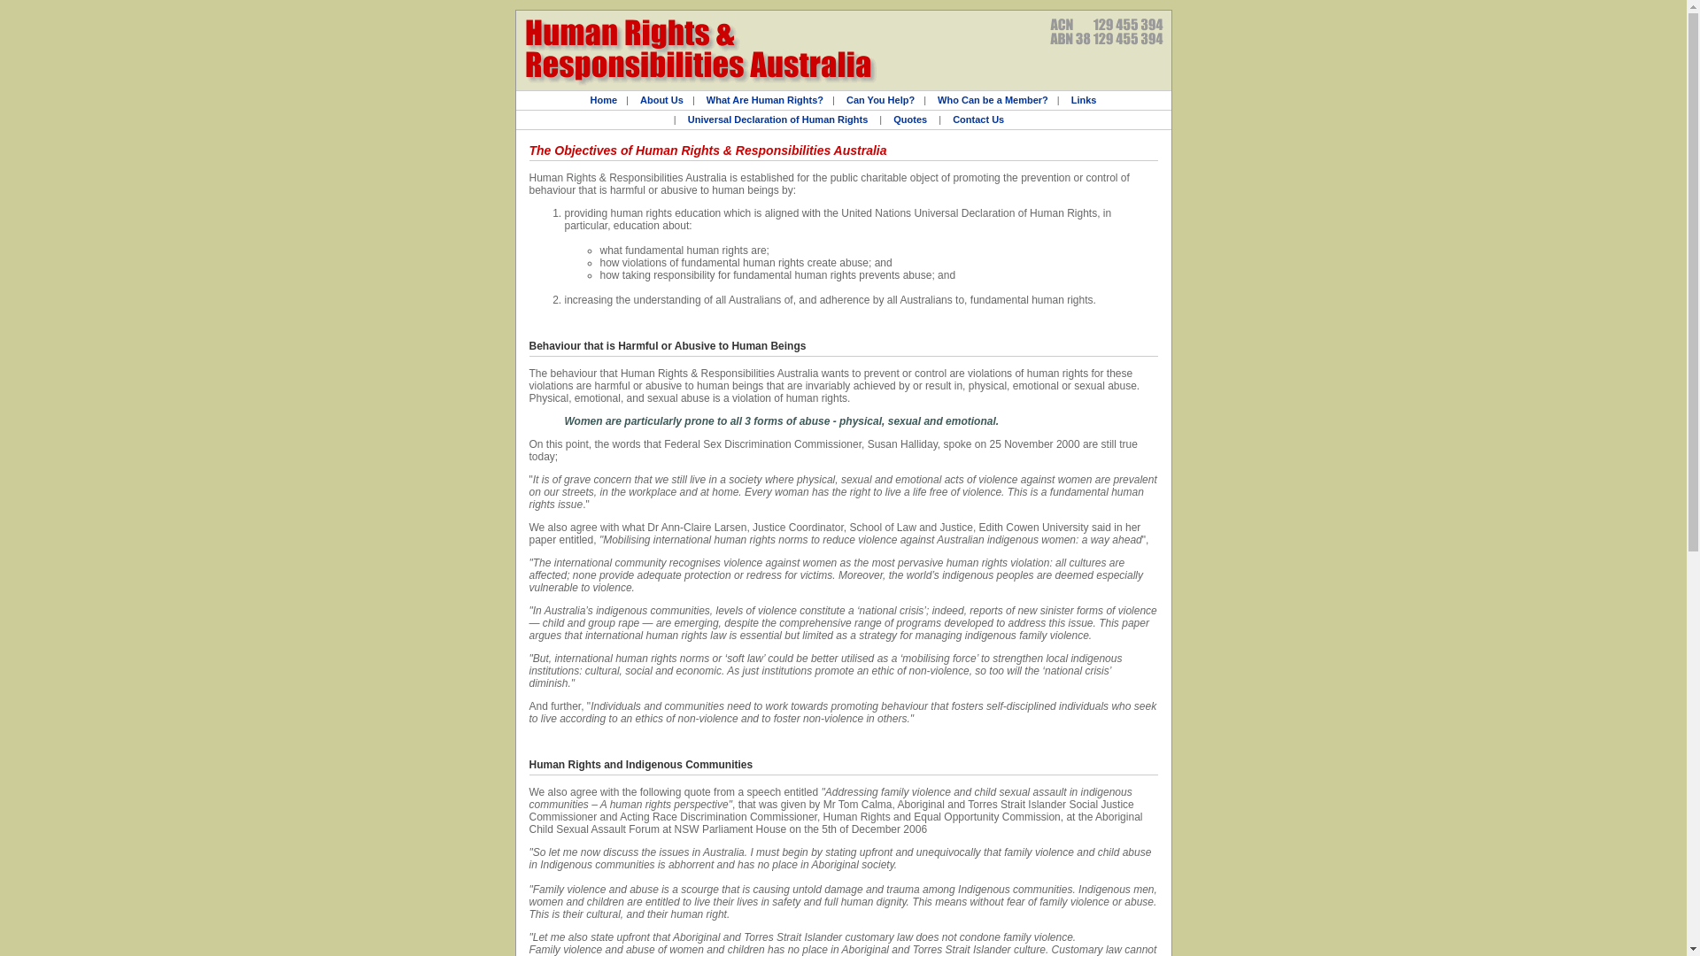 This screenshot has height=956, width=1700. I want to click on 'Links', so click(1083, 99).